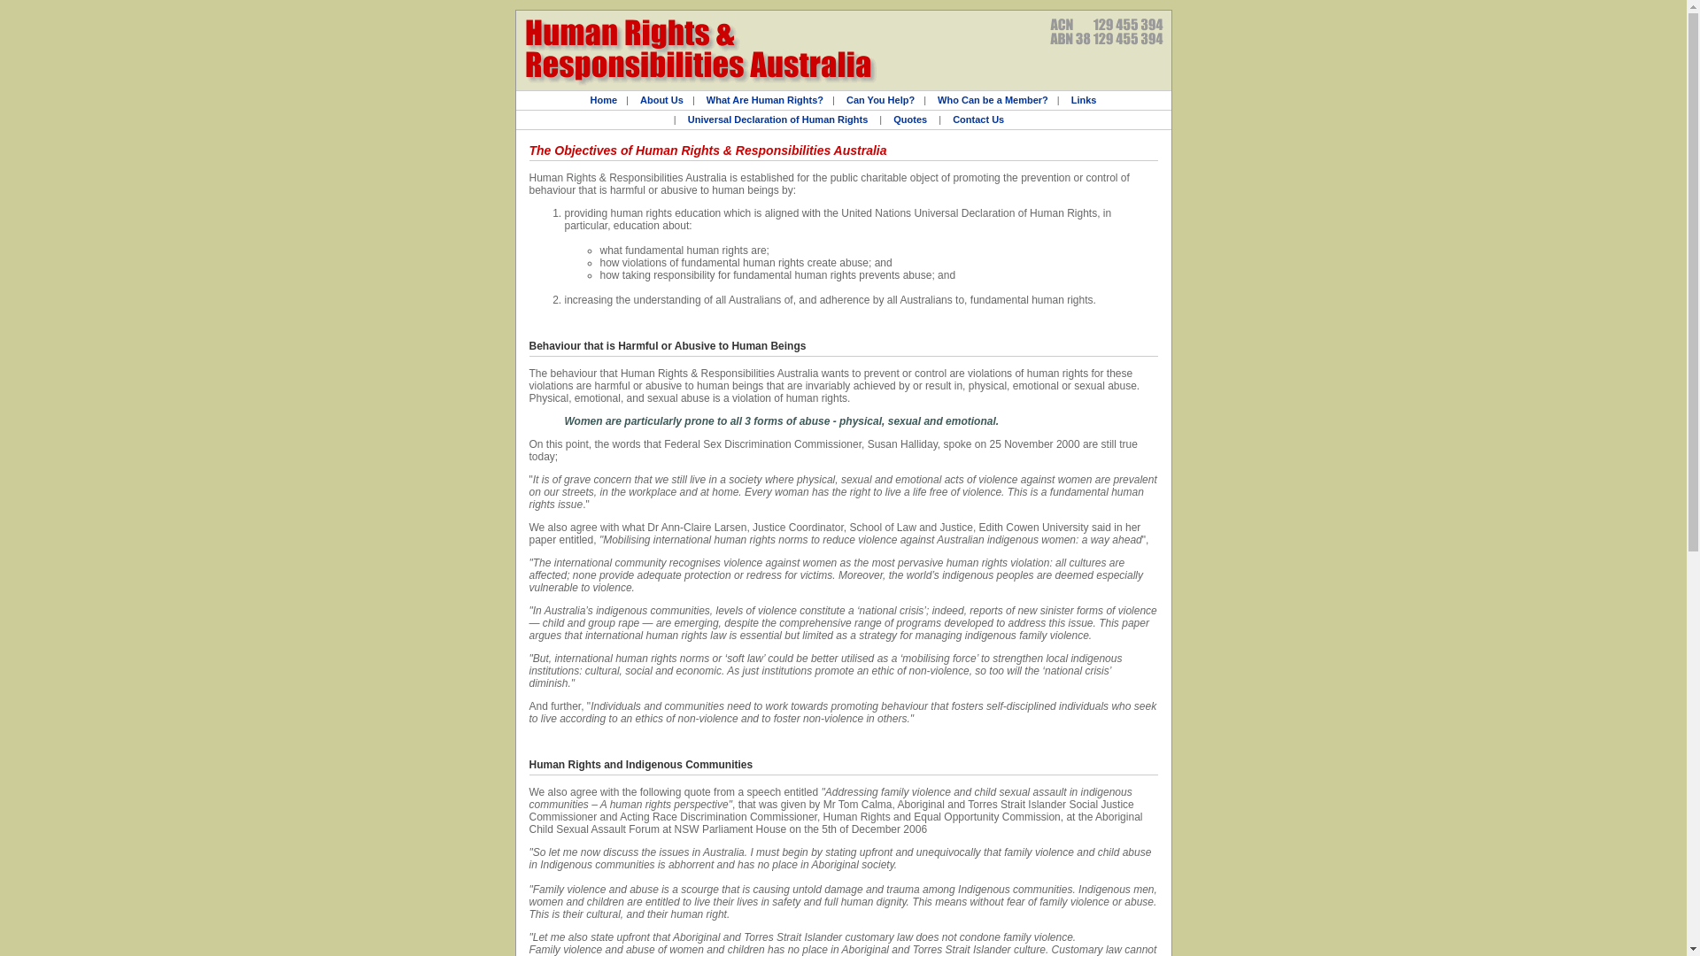 This screenshot has height=956, width=1700. I want to click on 'Links', so click(1083, 99).